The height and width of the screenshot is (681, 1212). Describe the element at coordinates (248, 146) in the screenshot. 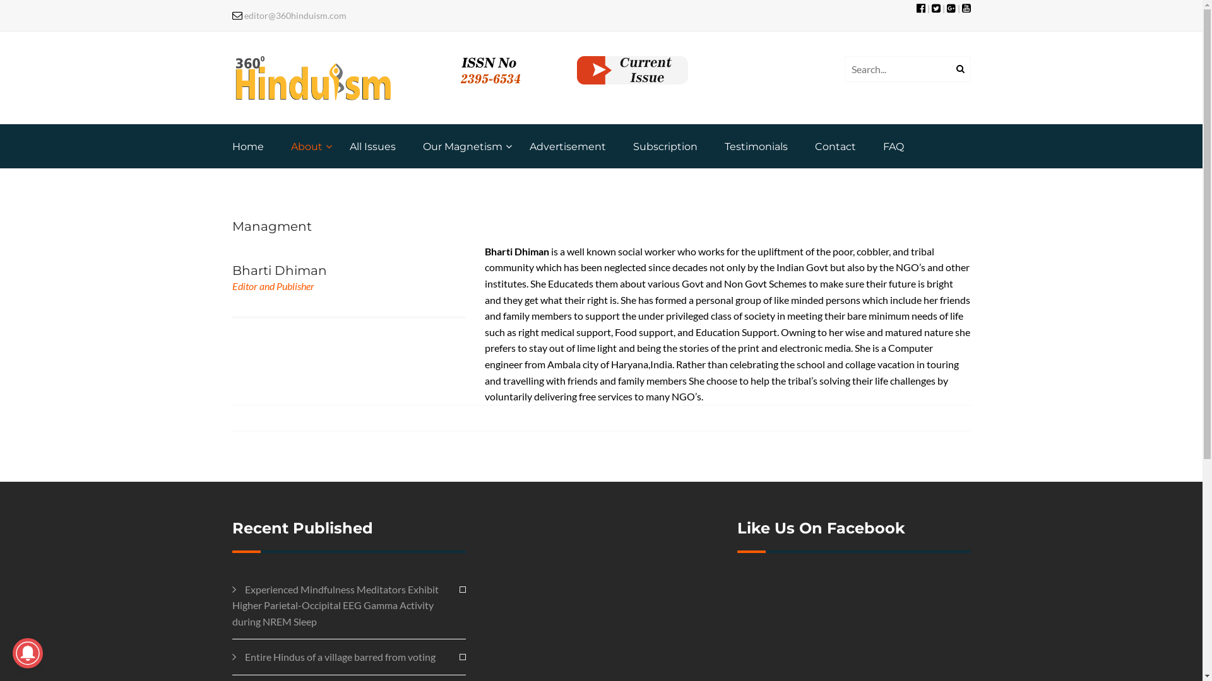

I see `'Home'` at that location.